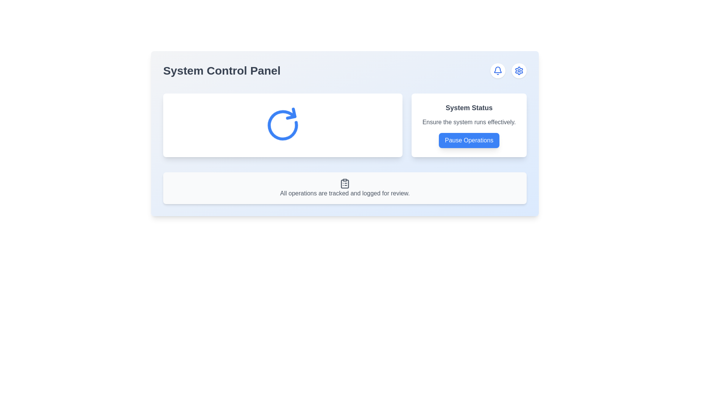 The image size is (727, 409). I want to click on the Text Label that serves as a prominent title or header indicating the system control panel, so click(221, 70).